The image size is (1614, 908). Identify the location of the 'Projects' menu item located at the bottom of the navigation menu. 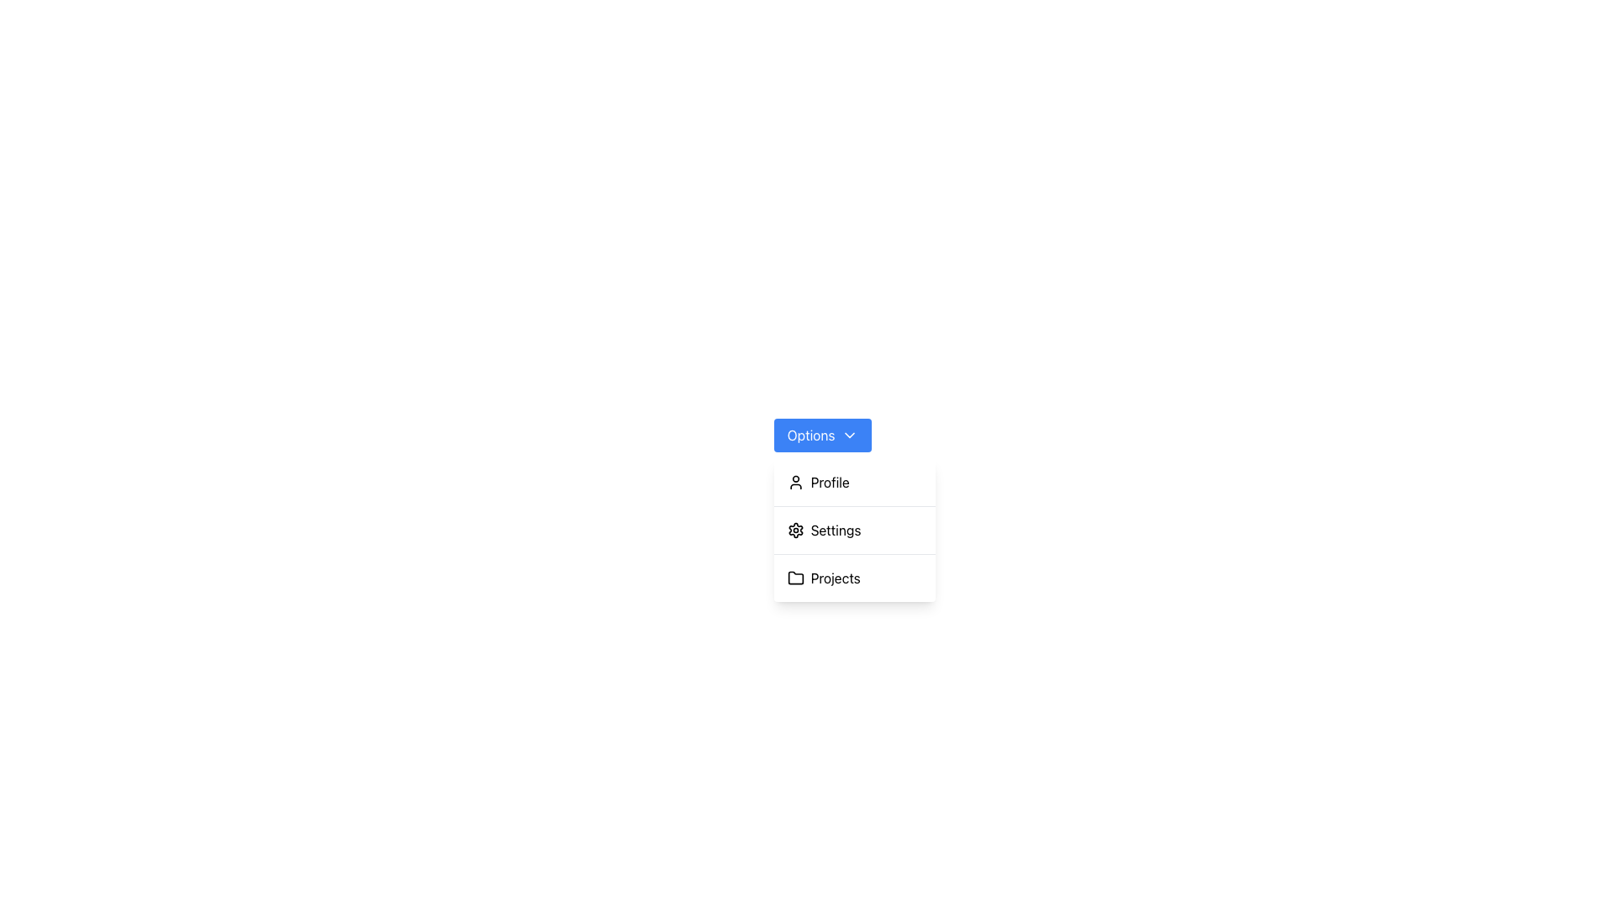
(854, 577).